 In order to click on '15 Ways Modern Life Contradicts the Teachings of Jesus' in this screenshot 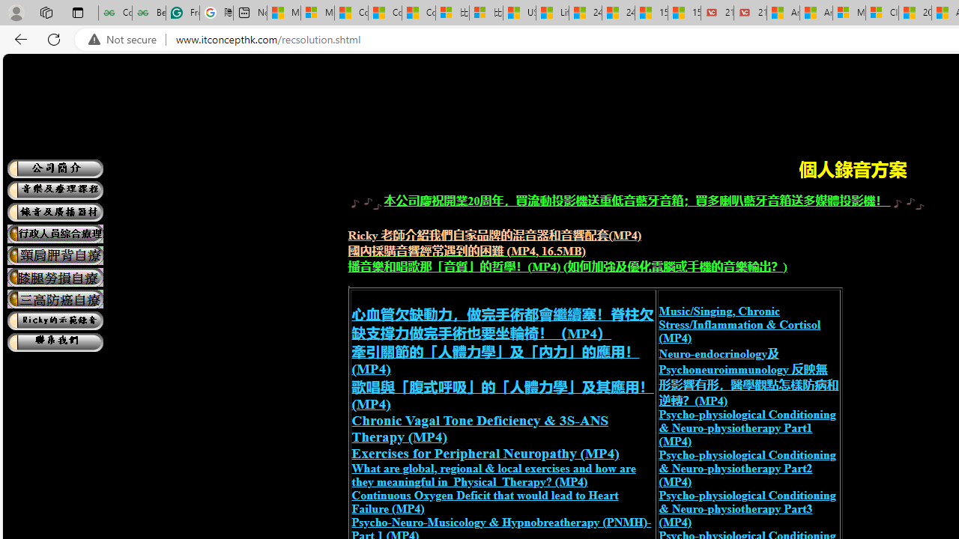, I will do `click(683, 13)`.